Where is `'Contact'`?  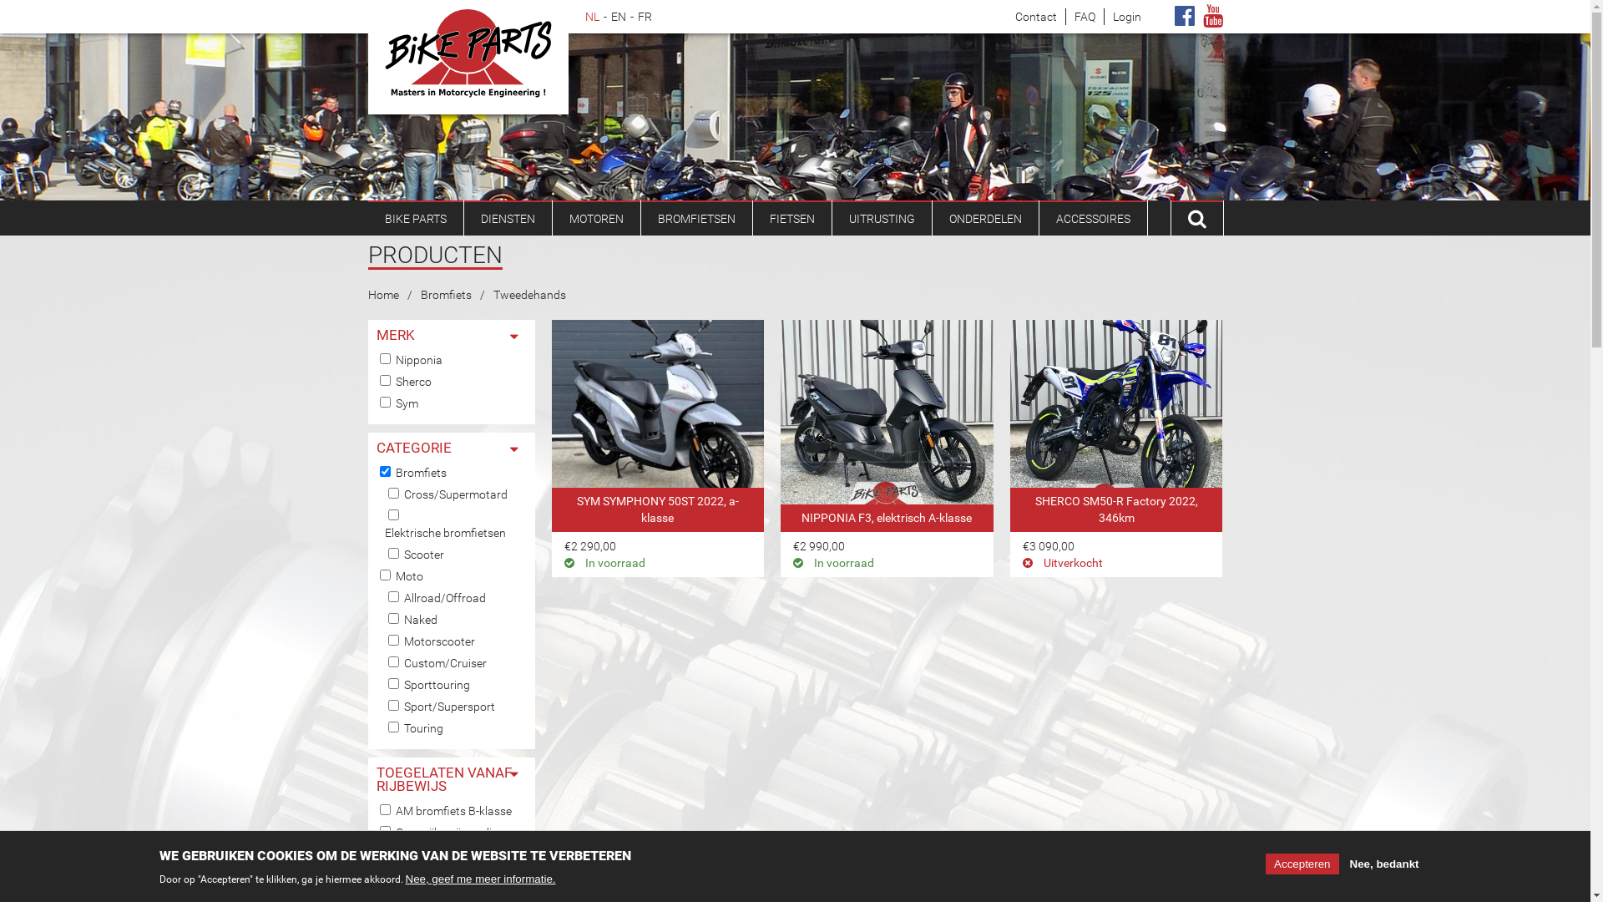 'Contact' is located at coordinates (1035, 16).